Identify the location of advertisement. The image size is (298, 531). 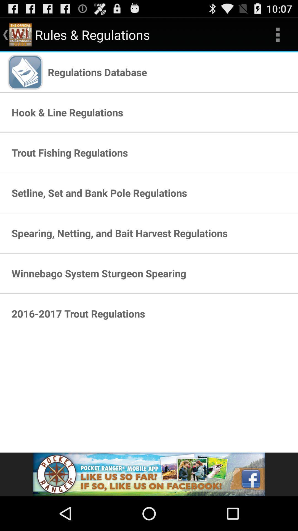
(149, 474).